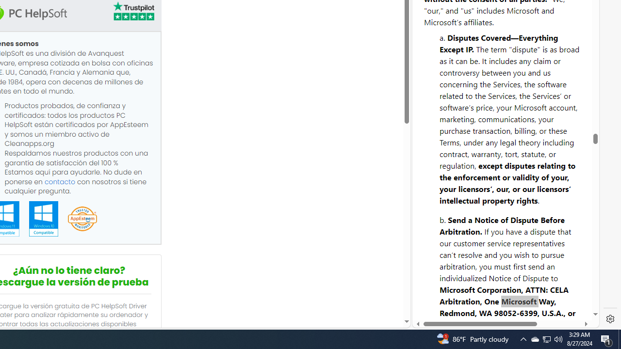 This screenshot has height=349, width=621. I want to click on 'TrustPilot', so click(132, 13).